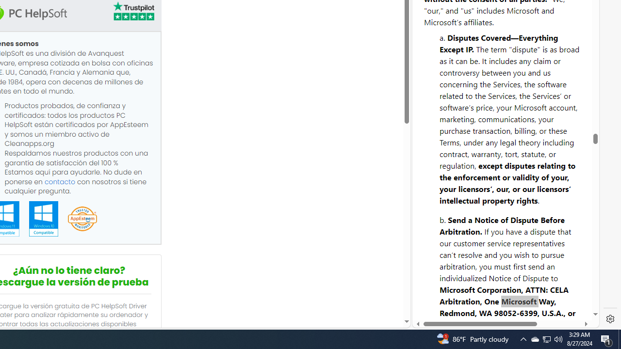 This screenshot has height=349, width=621. I want to click on 'TrustPilot', so click(132, 13).